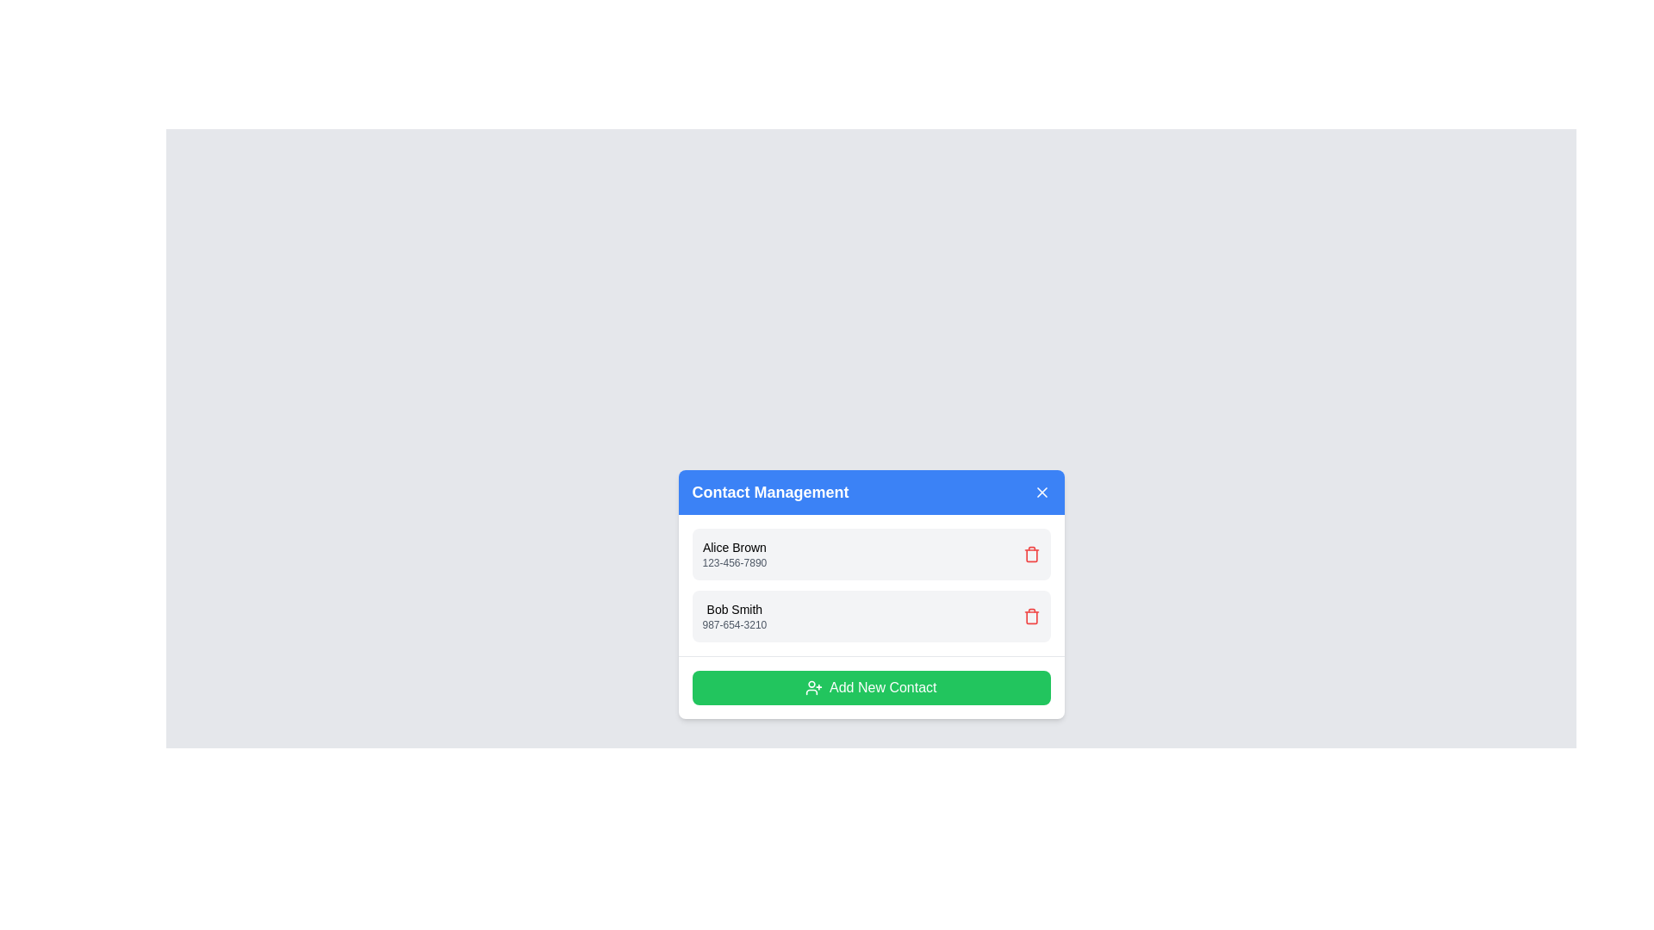 Image resolution: width=1654 pixels, height=930 pixels. I want to click on 'Add New Contact' button to initiate adding a new contact, so click(871, 686).